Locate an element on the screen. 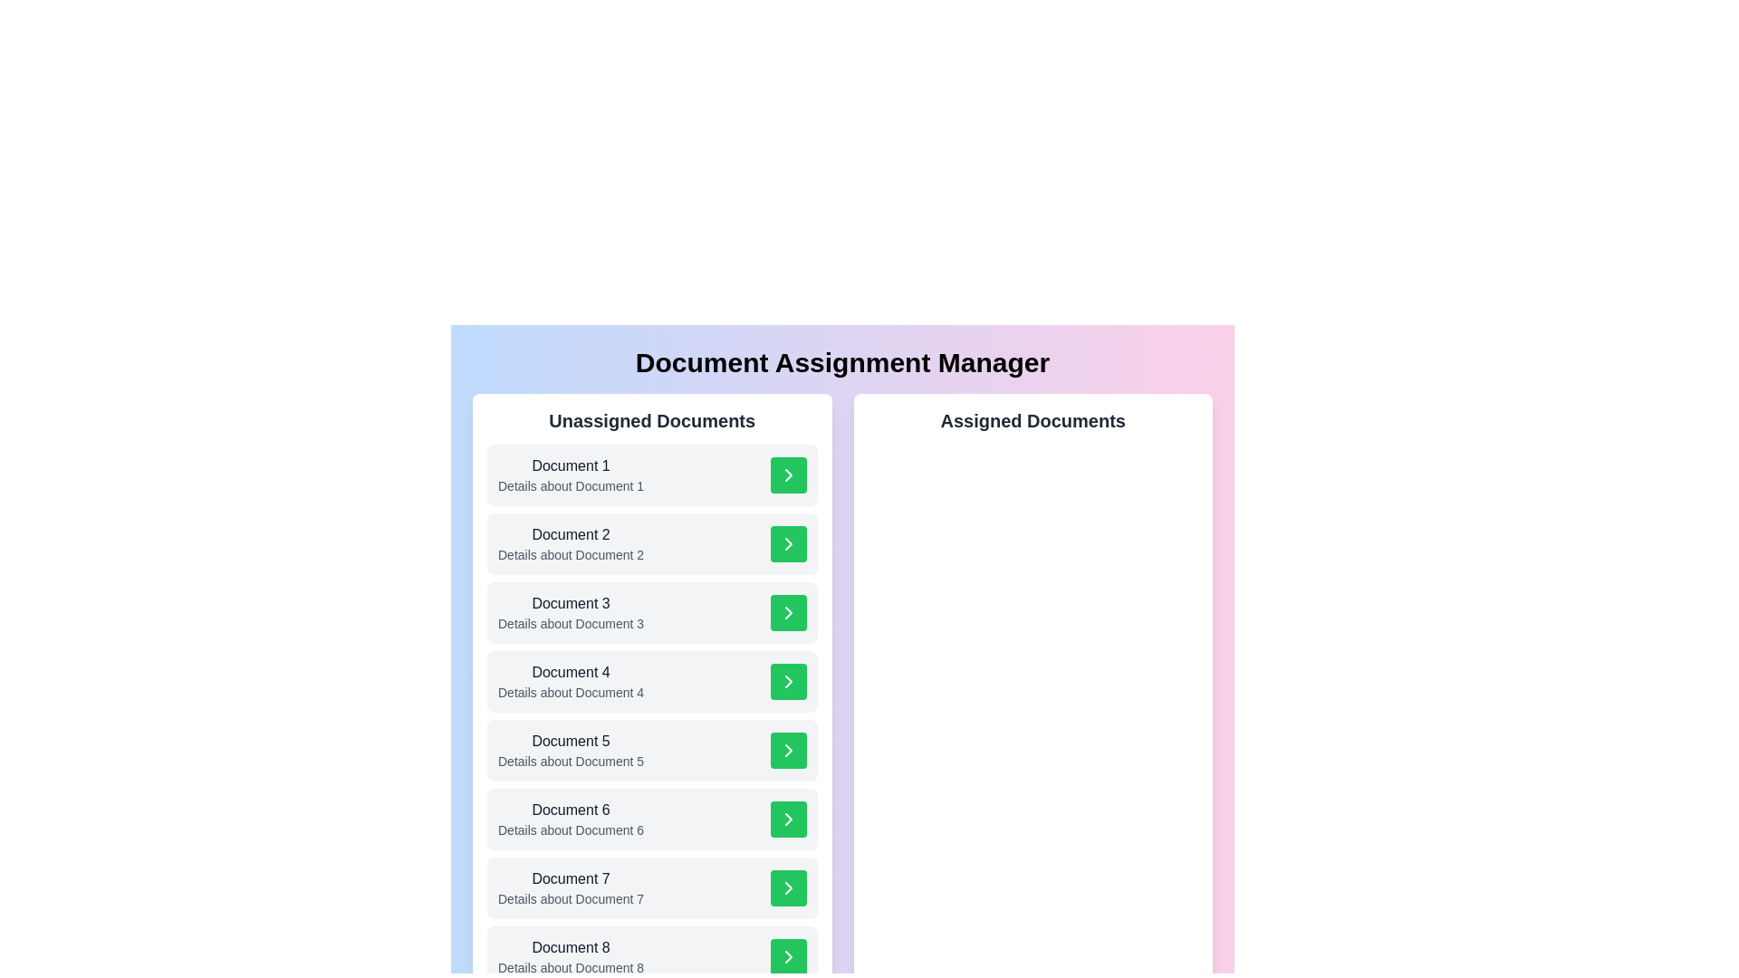  the icon button for 'Document 5' located under the 'Unassigned Documents' column is located at coordinates (788, 751).